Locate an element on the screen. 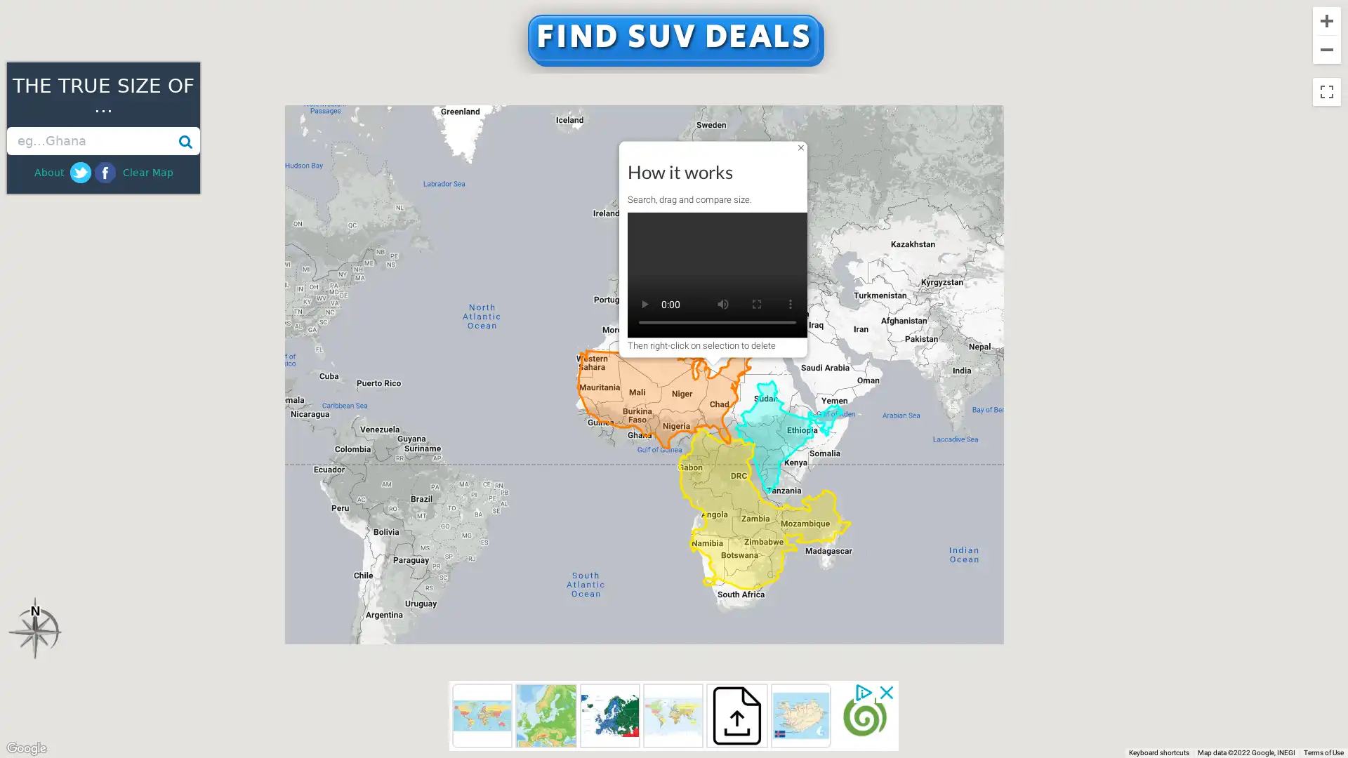 Image resolution: width=1348 pixels, height=758 pixels. play is located at coordinates (643, 302).